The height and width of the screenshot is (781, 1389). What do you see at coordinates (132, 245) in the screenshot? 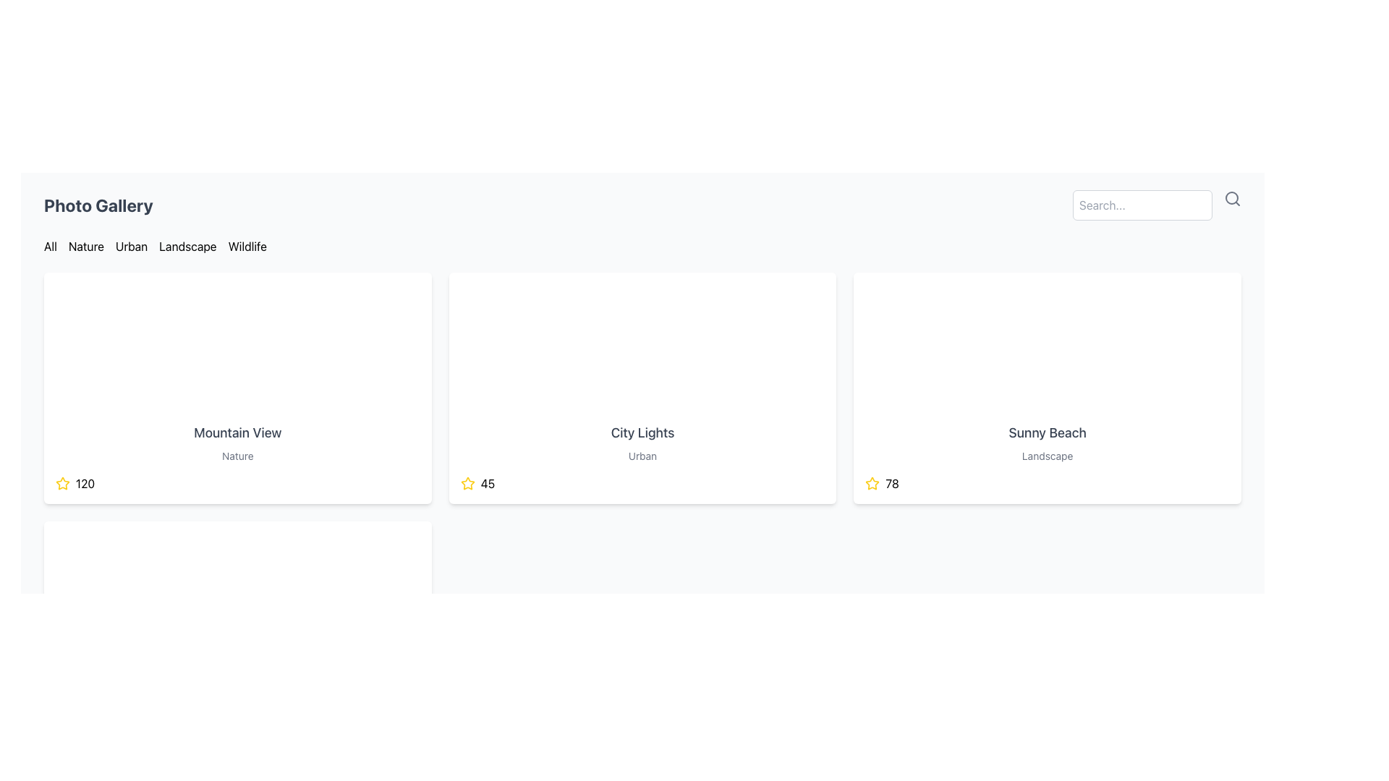
I see `the 'Urban' filter option located in the navigation bar, which is the third item from the left` at bounding box center [132, 245].